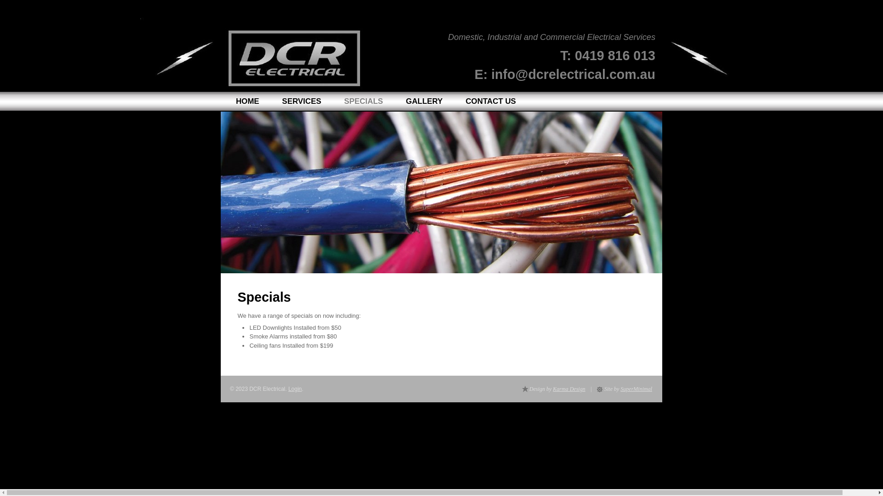 The height and width of the screenshot is (496, 883). Describe the element at coordinates (424, 101) in the screenshot. I see `'GALLERY'` at that location.